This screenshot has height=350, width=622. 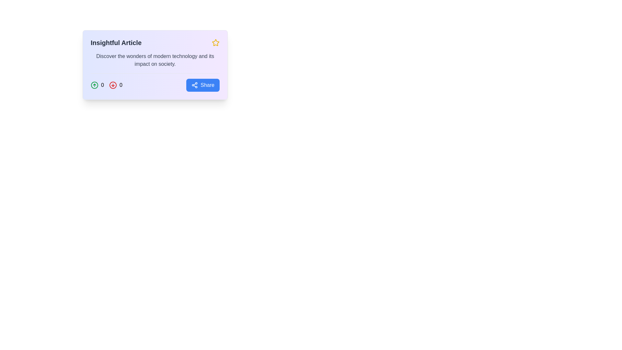 I want to click on the decrement button which is represented by a red circular arrow down icon and the digit '0' to its right, indicating a decrement operation, so click(x=116, y=85).